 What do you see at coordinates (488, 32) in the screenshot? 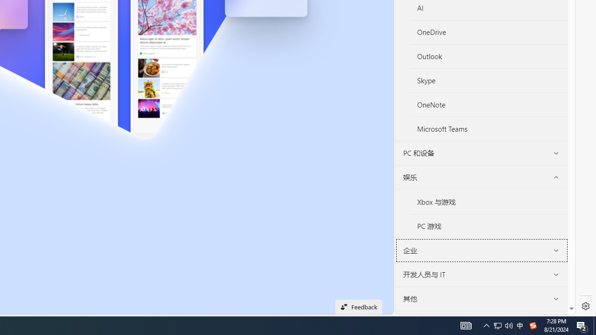
I see `'OneDrive'` at bounding box center [488, 32].